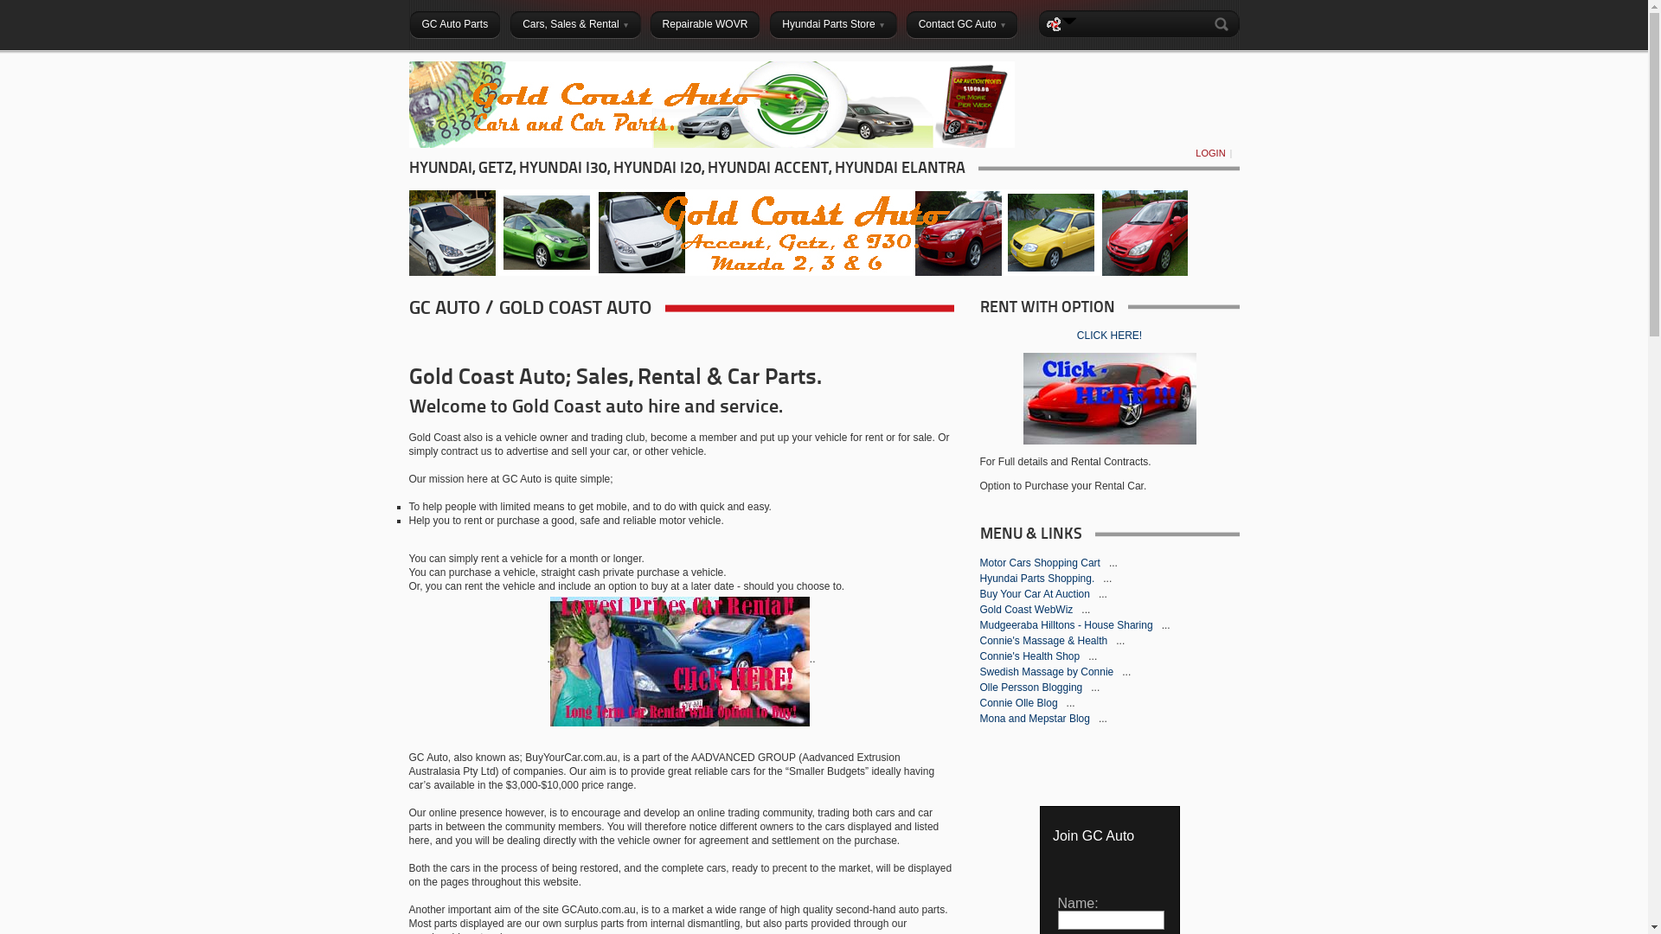  I want to click on 'Gold Coast auto and car parts', so click(407, 143).